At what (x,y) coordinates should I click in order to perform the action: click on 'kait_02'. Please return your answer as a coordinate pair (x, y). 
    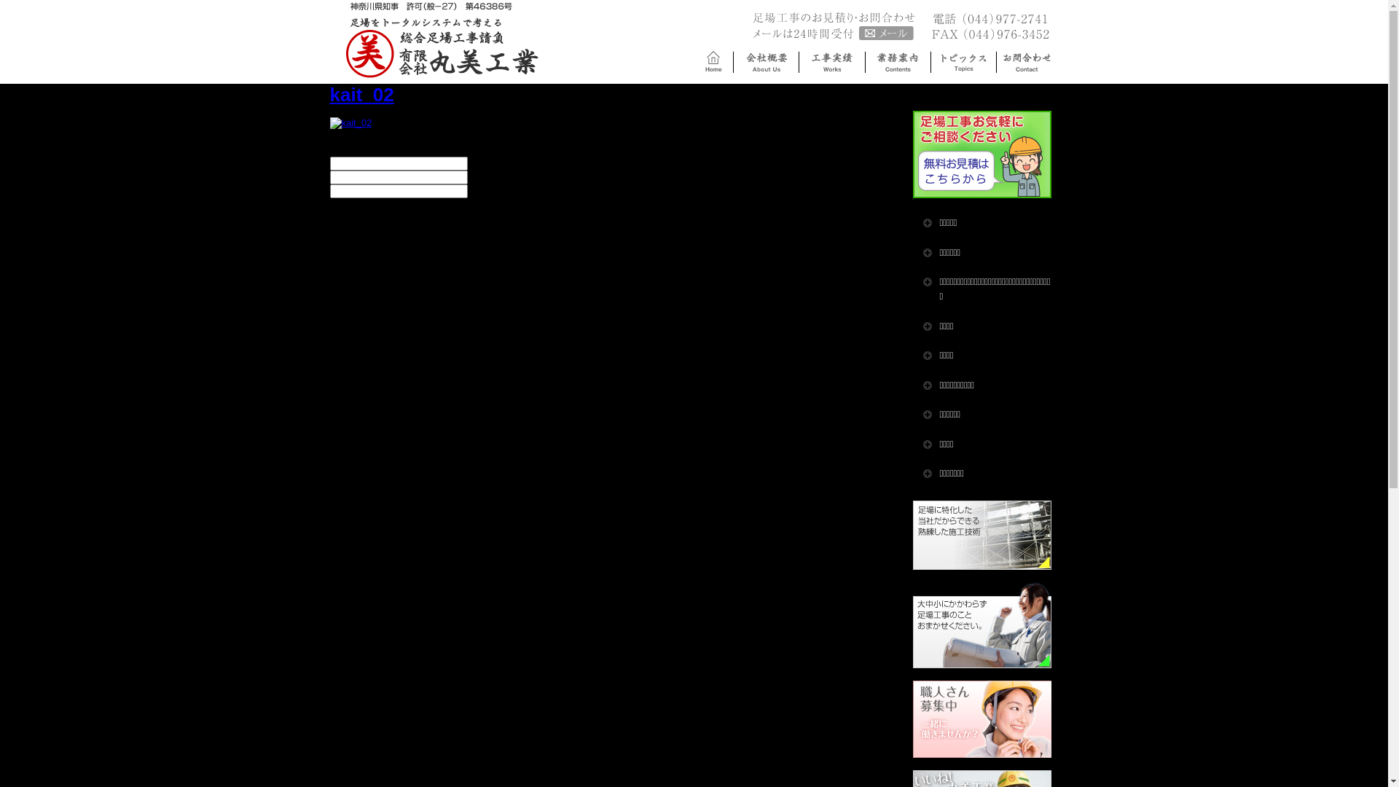
    Looking at the image, I should click on (350, 122).